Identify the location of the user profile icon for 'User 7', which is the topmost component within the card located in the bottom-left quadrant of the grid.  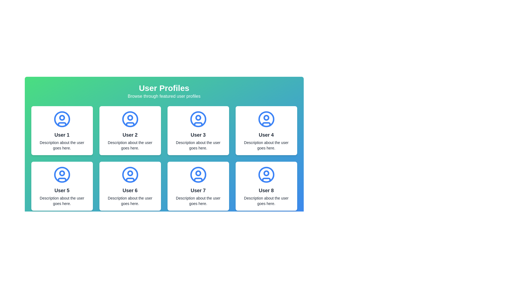
(198, 174).